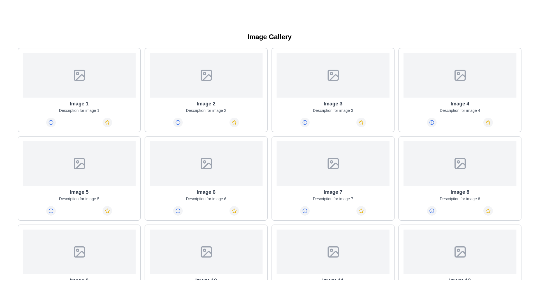 The height and width of the screenshot is (302, 538). I want to click on the Text label located, so click(206, 192).